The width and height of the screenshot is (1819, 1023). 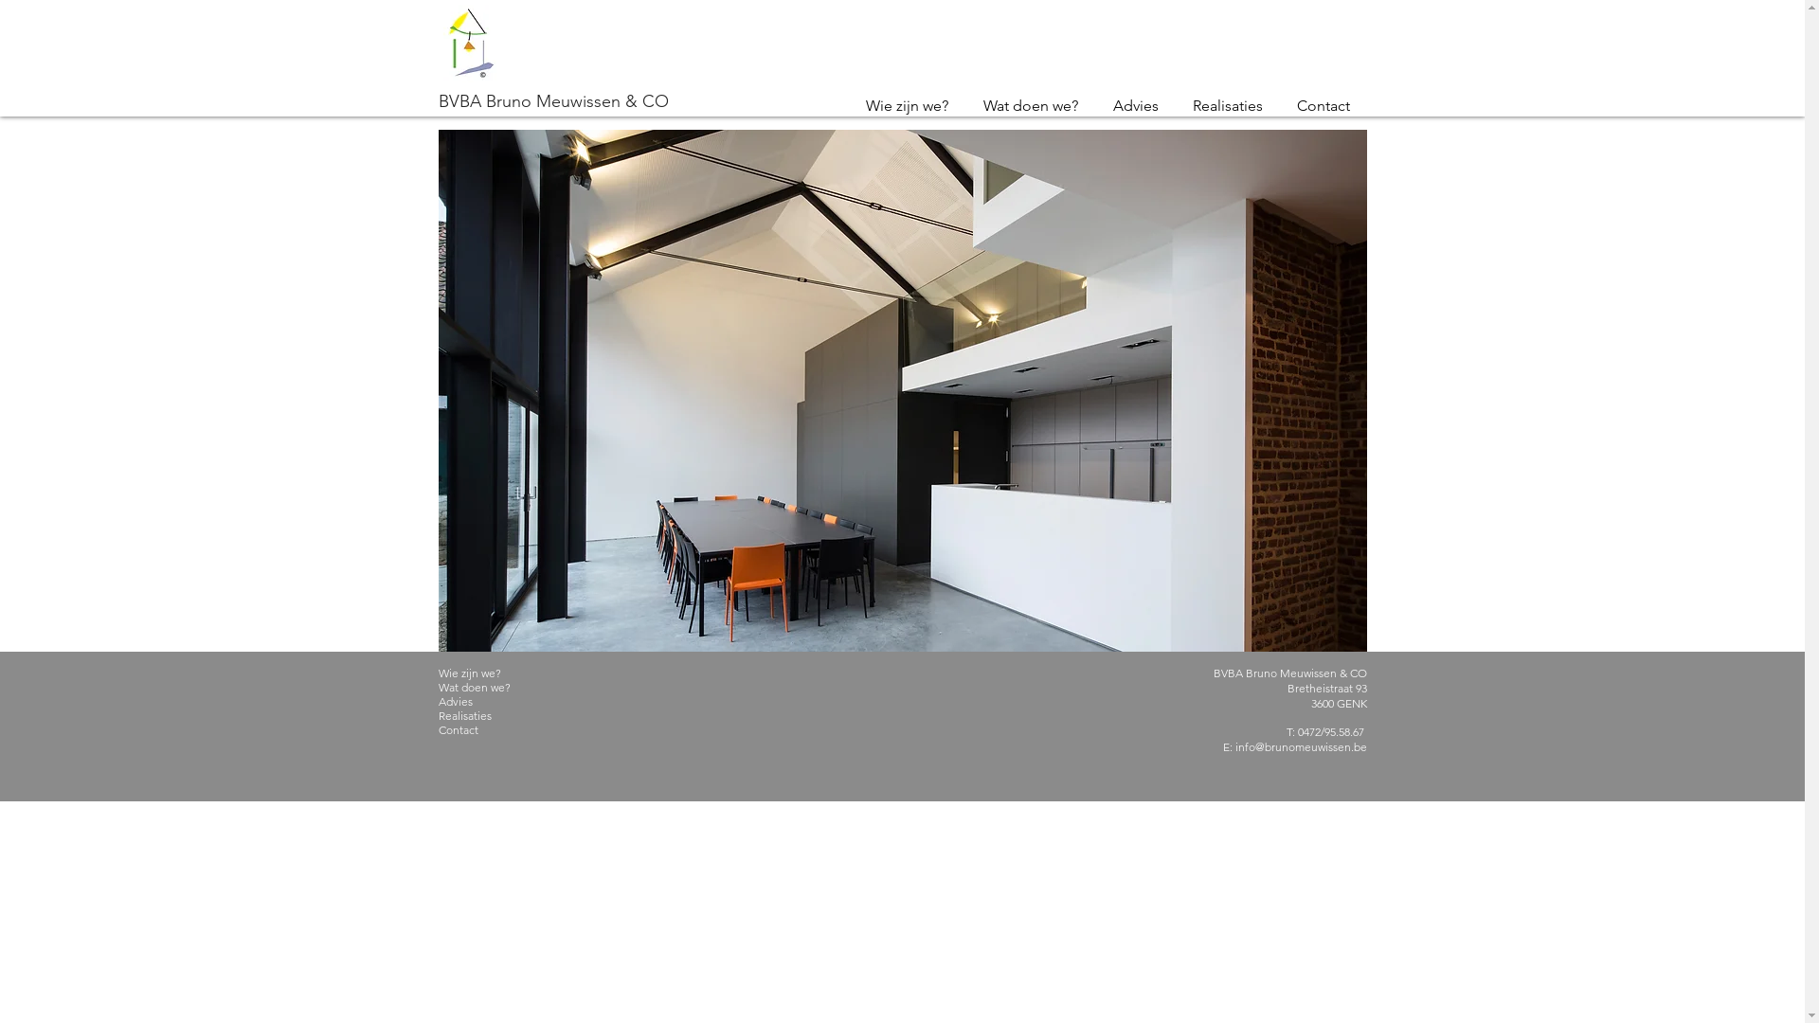 What do you see at coordinates (551, 100) in the screenshot?
I see `'BVBA Bruno Meuwissen & CO'` at bounding box center [551, 100].